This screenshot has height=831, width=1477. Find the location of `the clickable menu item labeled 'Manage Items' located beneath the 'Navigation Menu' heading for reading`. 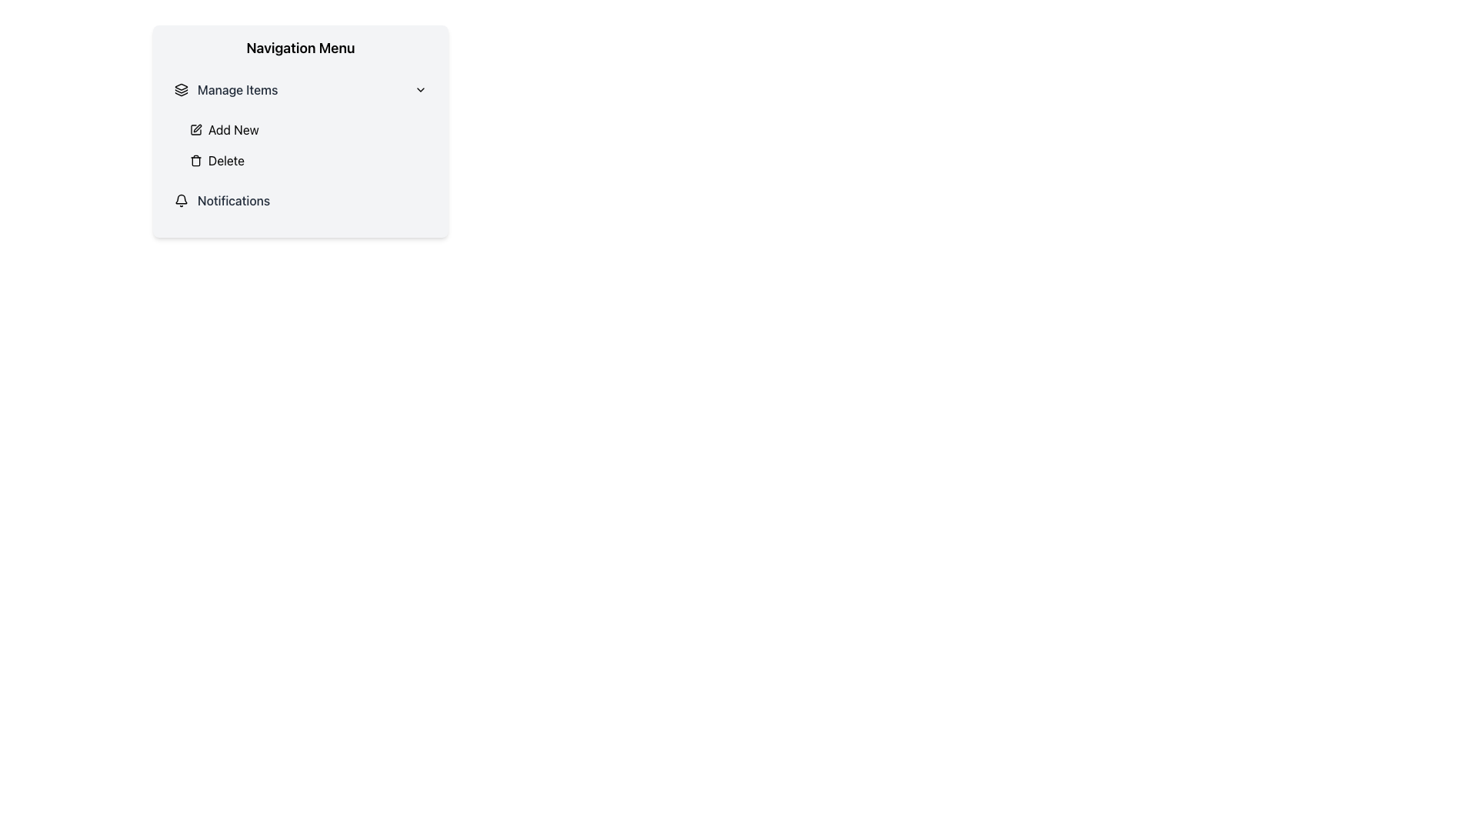

the clickable menu item labeled 'Manage Items' located beneath the 'Navigation Menu' heading for reading is located at coordinates (225, 89).